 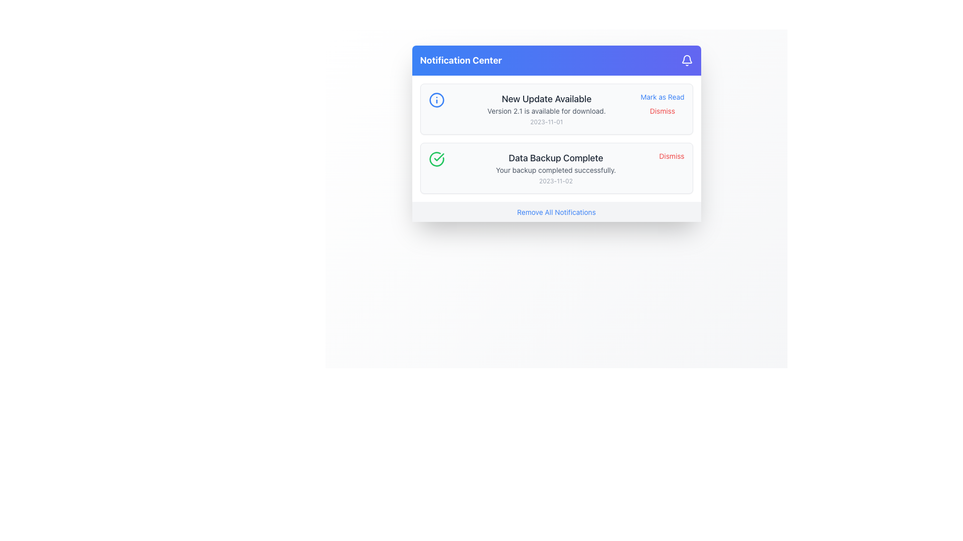 What do you see at coordinates (460, 60) in the screenshot?
I see `the static text label displaying 'Notification Center', which is bold and large with white font against a gradient background from blue to indigo, located on the left side of the header` at bounding box center [460, 60].